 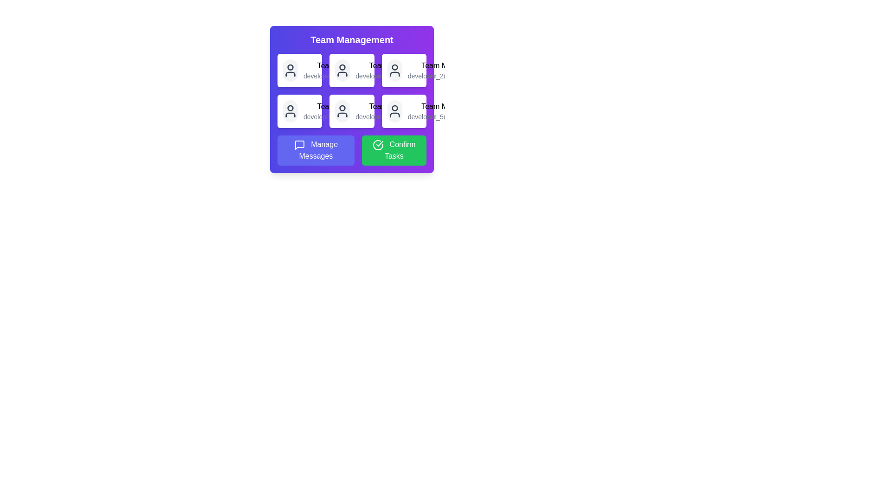 What do you see at coordinates (300, 110) in the screenshot?
I see `the Information card with a white background and rounded corners, which is the fourth card in the second row of a grid layout` at bounding box center [300, 110].